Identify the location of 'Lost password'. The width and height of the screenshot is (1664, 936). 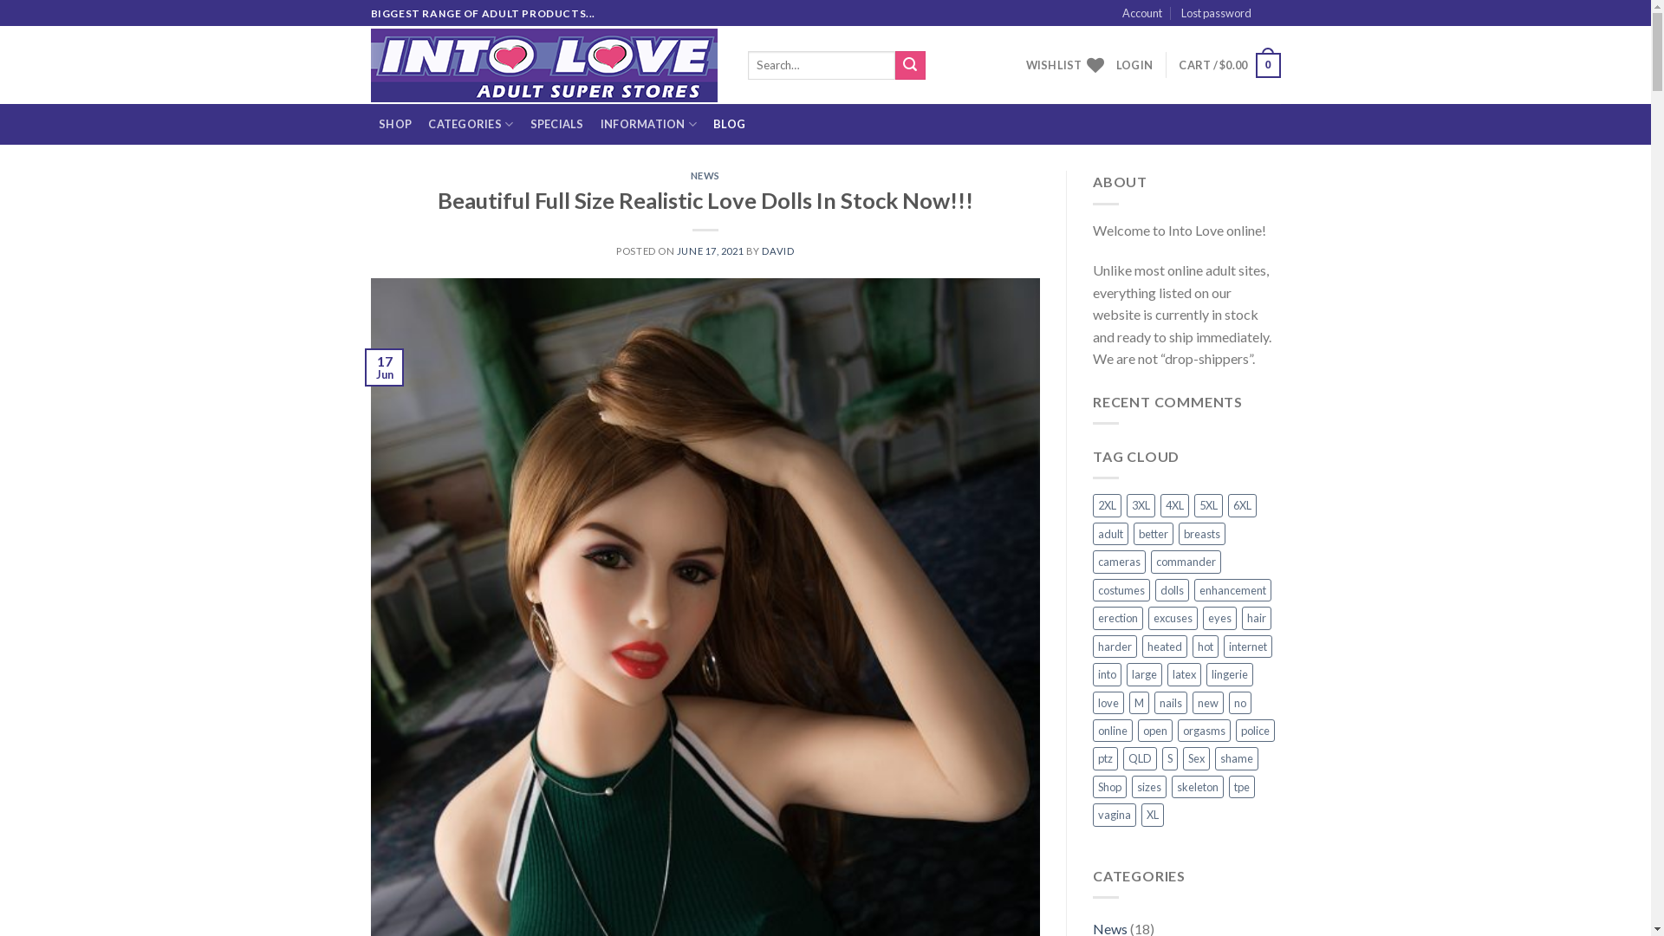
(1215, 13).